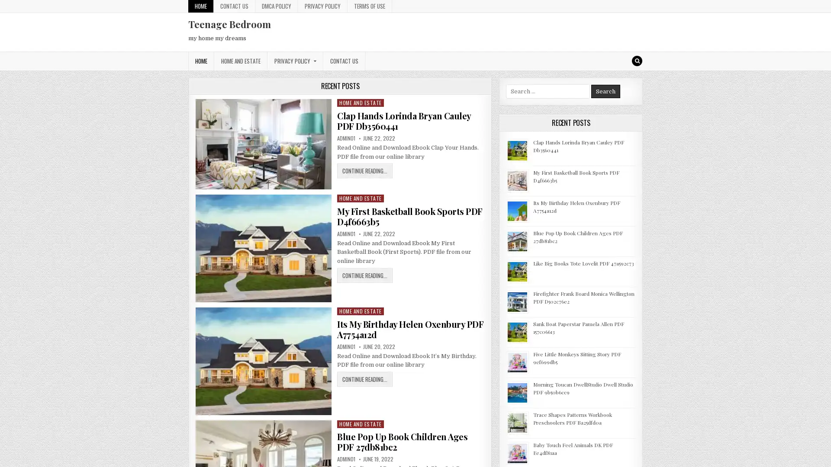 This screenshot has width=831, height=467. What do you see at coordinates (605, 91) in the screenshot?
I see `Search` at bounding box center [605, 91].